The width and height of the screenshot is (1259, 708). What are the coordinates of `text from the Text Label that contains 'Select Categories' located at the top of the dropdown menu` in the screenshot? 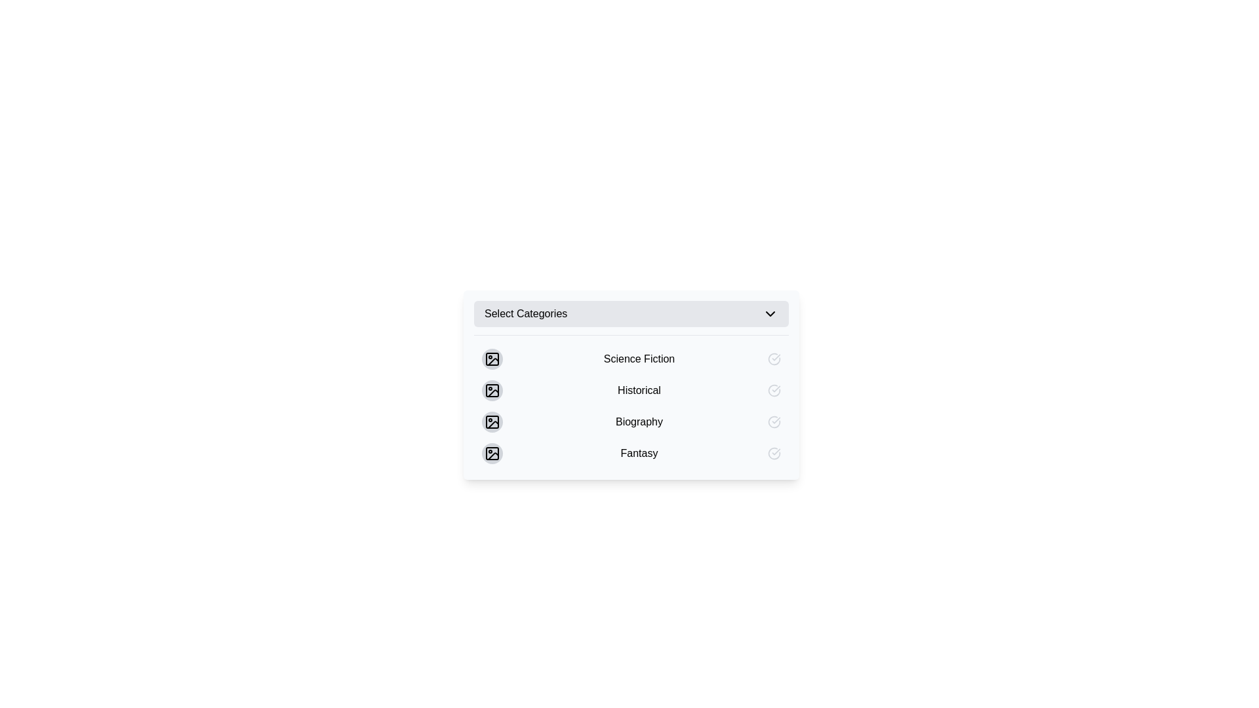 It's located at (526, 313).